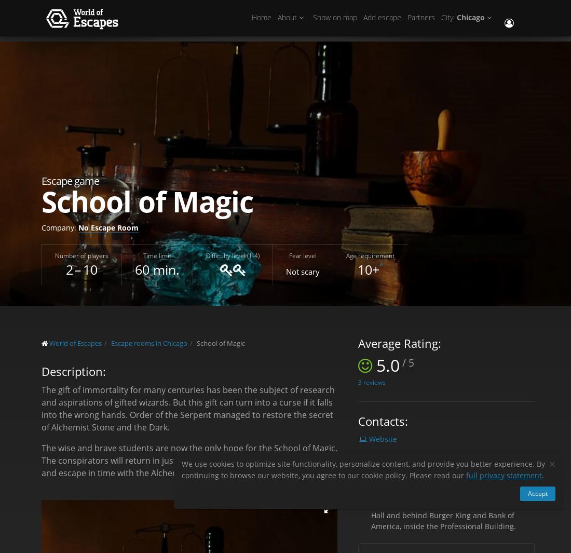 This screenshot has width=571, height=553. Describe the element at coordinates (232, 254) in the screenshot. I see `'Difficulty level (1-4)'` at that location.